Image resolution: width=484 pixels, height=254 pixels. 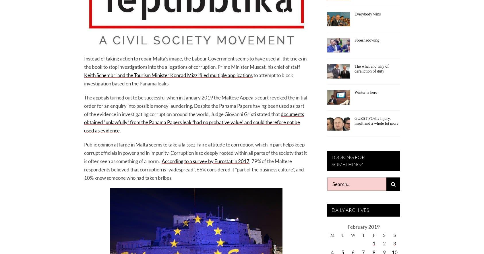 I want to click on 'LOOKING FOR SOMETHING?', so click(x=331, y=161).